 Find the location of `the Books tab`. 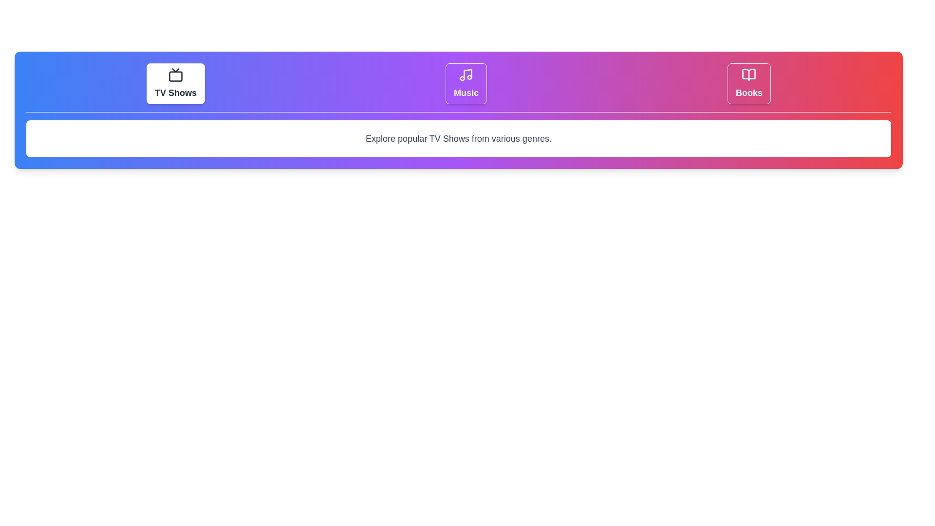

the Books tab is located at coordinates (748, 83).